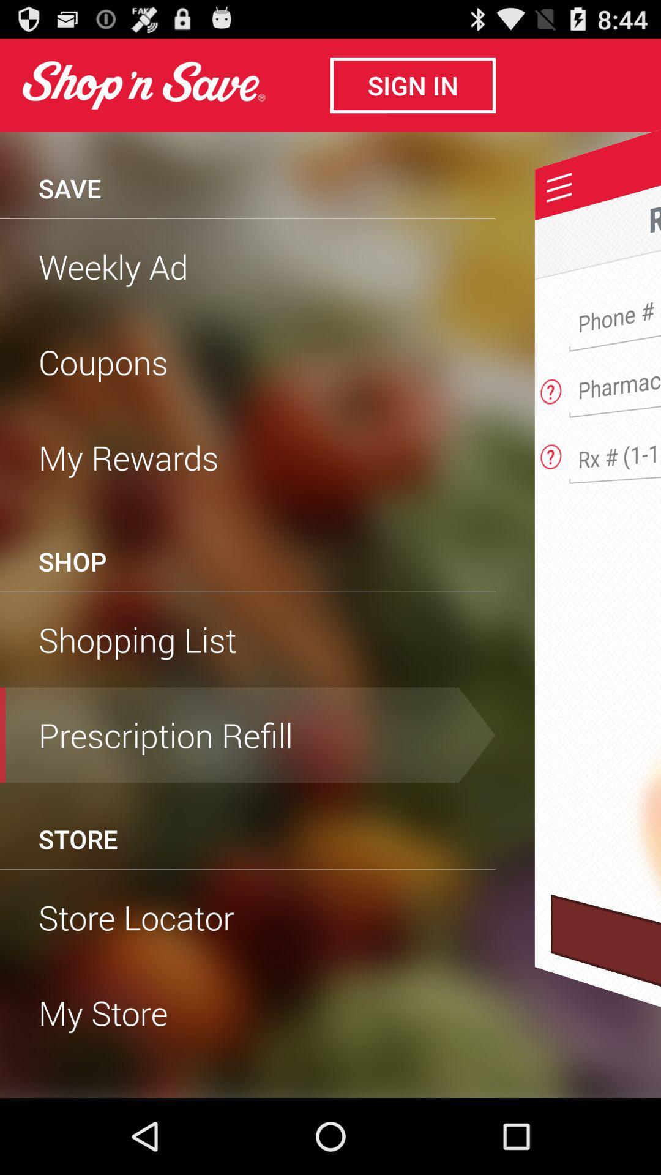 Image resolution: width=661 pixels, height=1175 pixels. Describe the element at coordinates (606, 996) in the screenshot. I see `the item to the right of store locator item` at that location.